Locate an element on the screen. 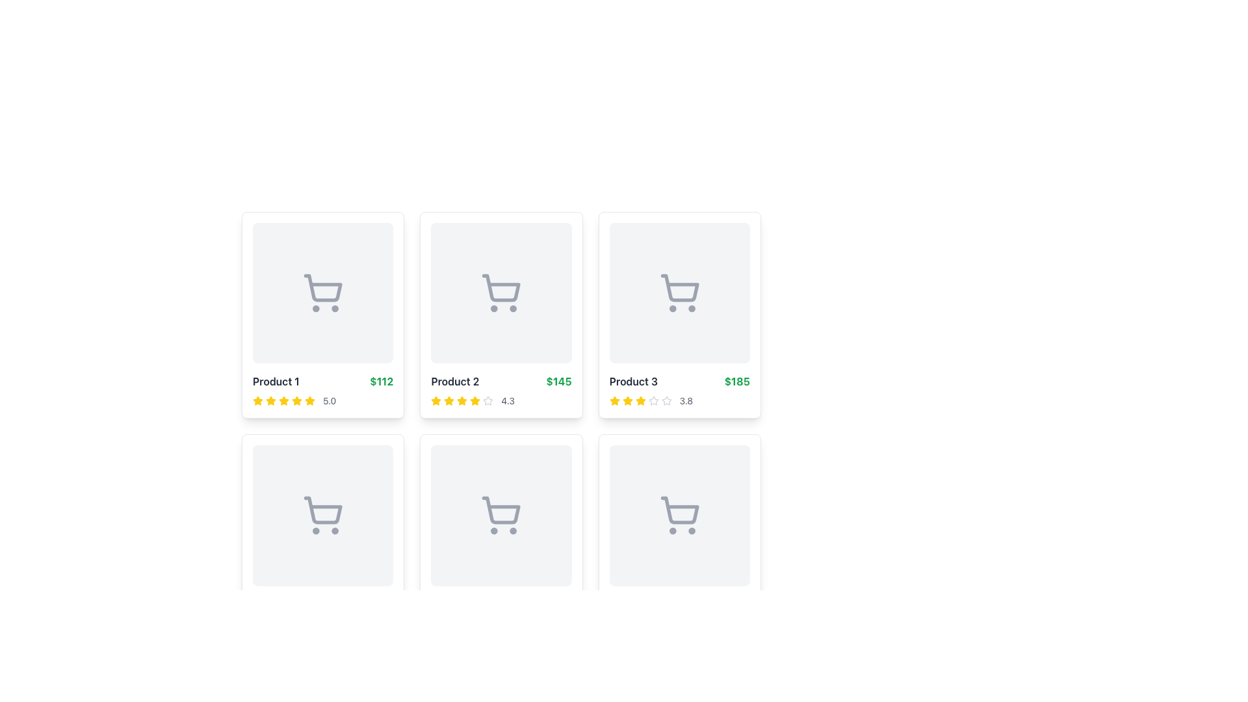 Image resolution: width=1248 pixels, height=702 pixels. the shopping cart icon located at the center of the SVG in the top-left corner of the product card for 'Product 1' is located at coordinates (323, 287).